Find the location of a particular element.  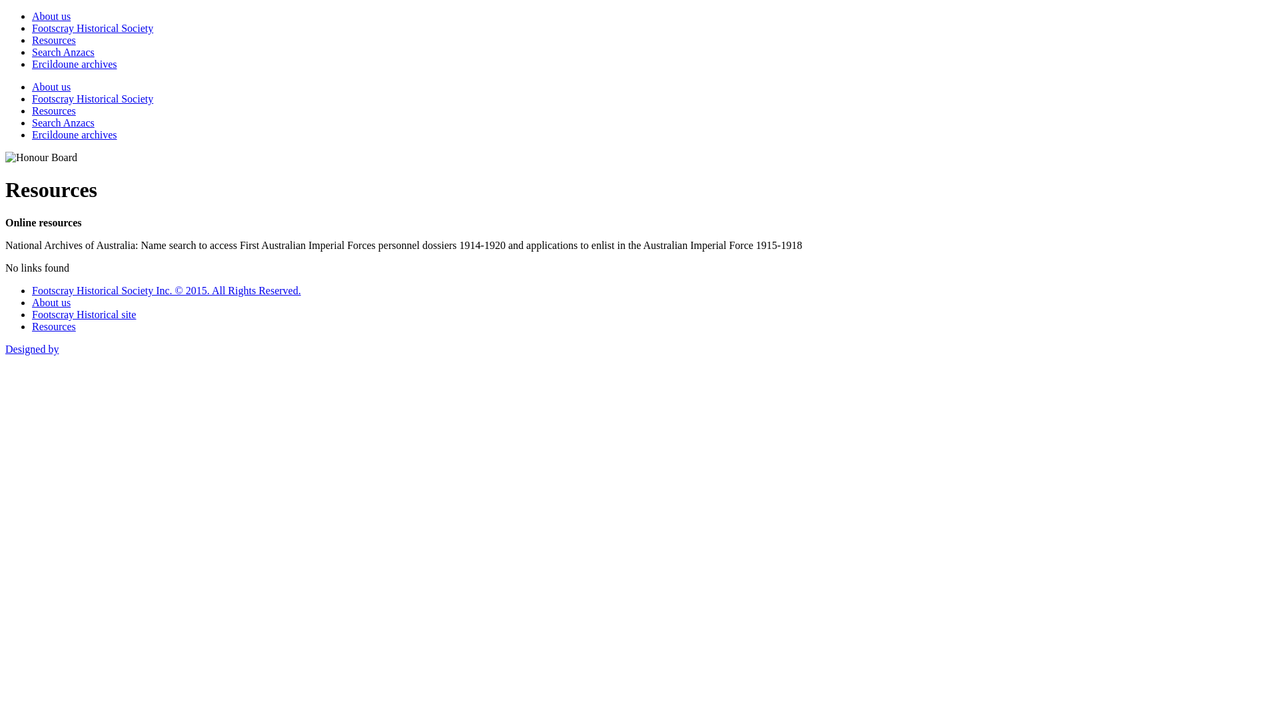

'Search Anzacs' is located at coordinates (63, 51).